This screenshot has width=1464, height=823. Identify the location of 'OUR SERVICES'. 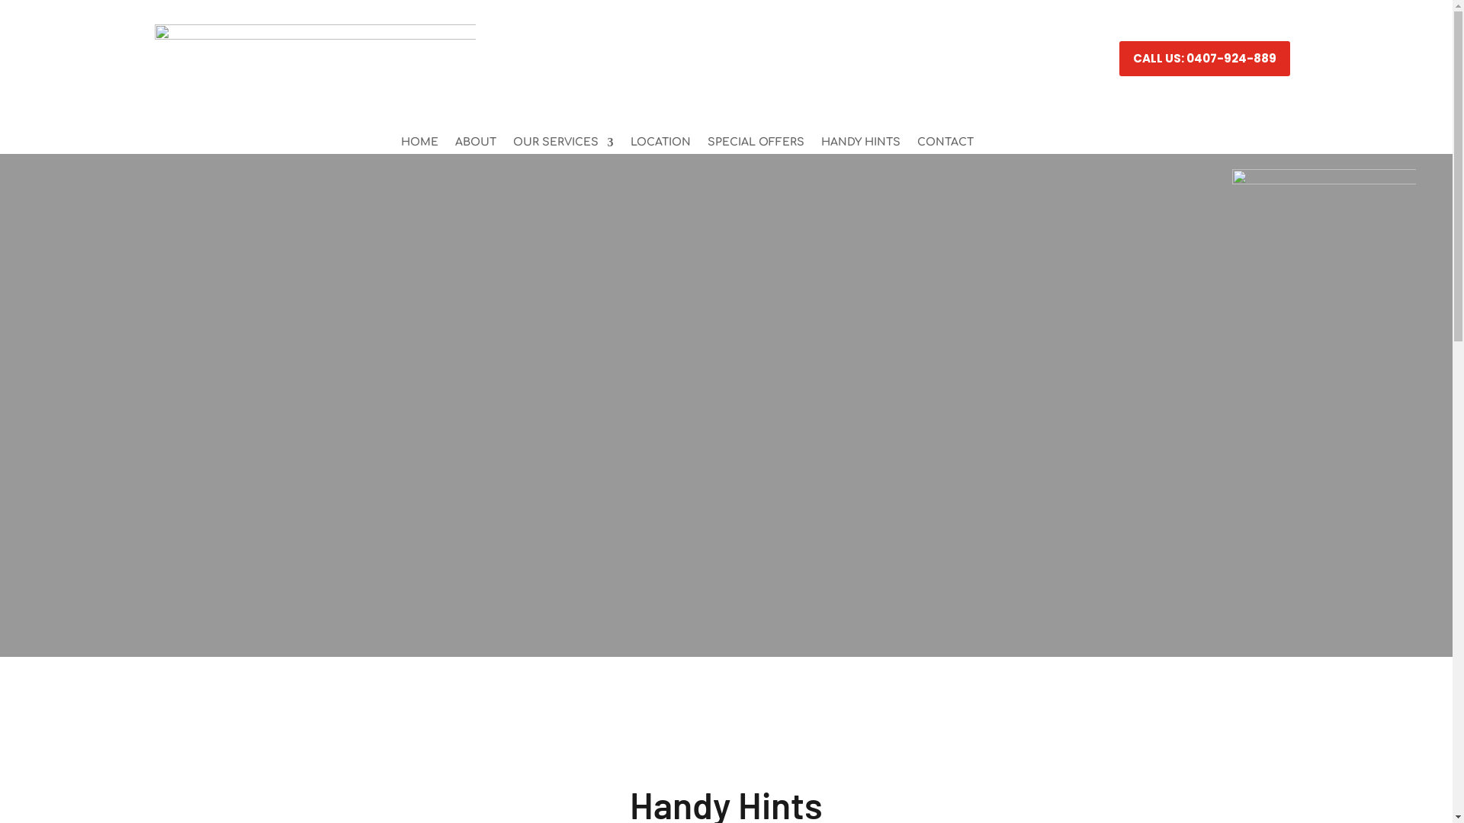
(562, 146).